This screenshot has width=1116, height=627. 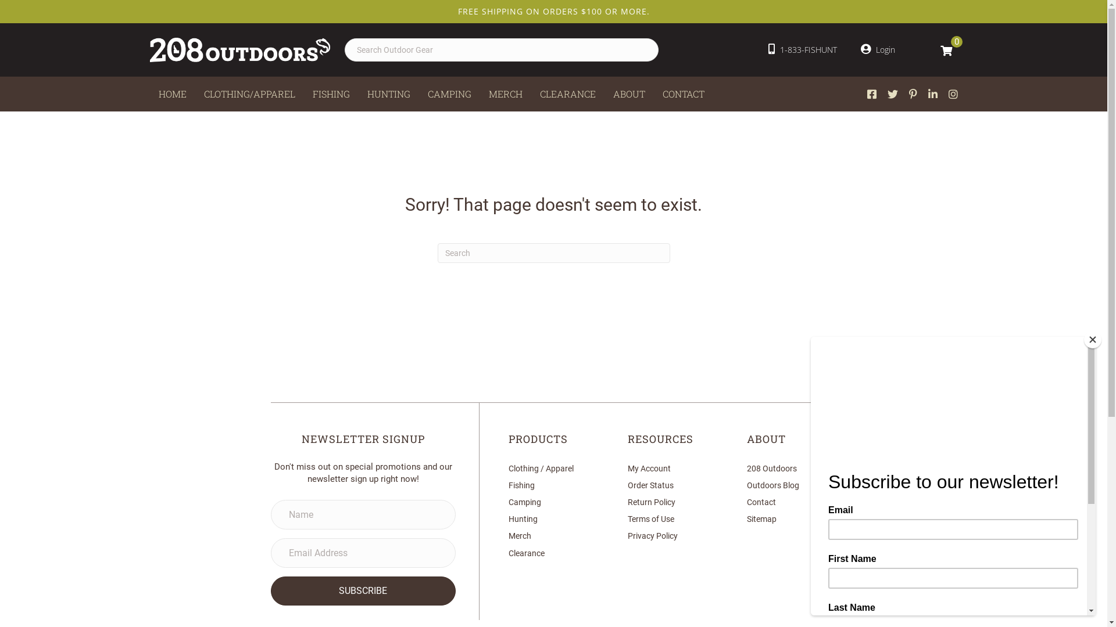 What do you see at coordinates (524, 501) in the screenshot?
I see `'Camping'` at bounding box center [524, 501].